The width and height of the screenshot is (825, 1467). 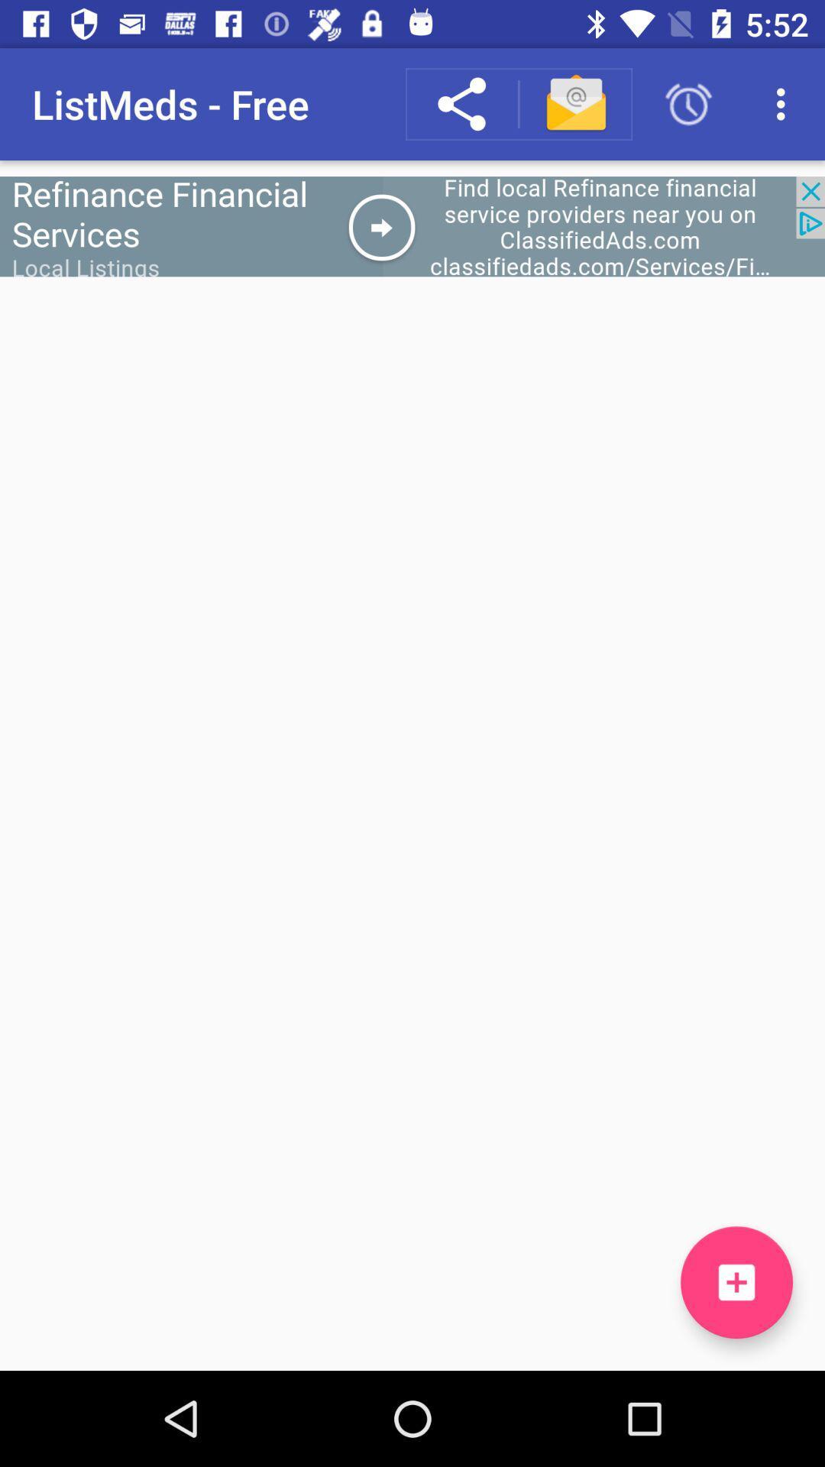 I want to click on announcement, so click(x=412, y=225).